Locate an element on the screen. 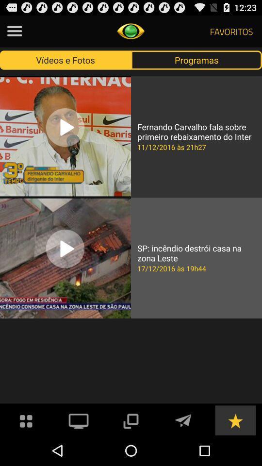 This screenshot has width=262, height=466. write an email or send an email is located at coordinates (183, 419).